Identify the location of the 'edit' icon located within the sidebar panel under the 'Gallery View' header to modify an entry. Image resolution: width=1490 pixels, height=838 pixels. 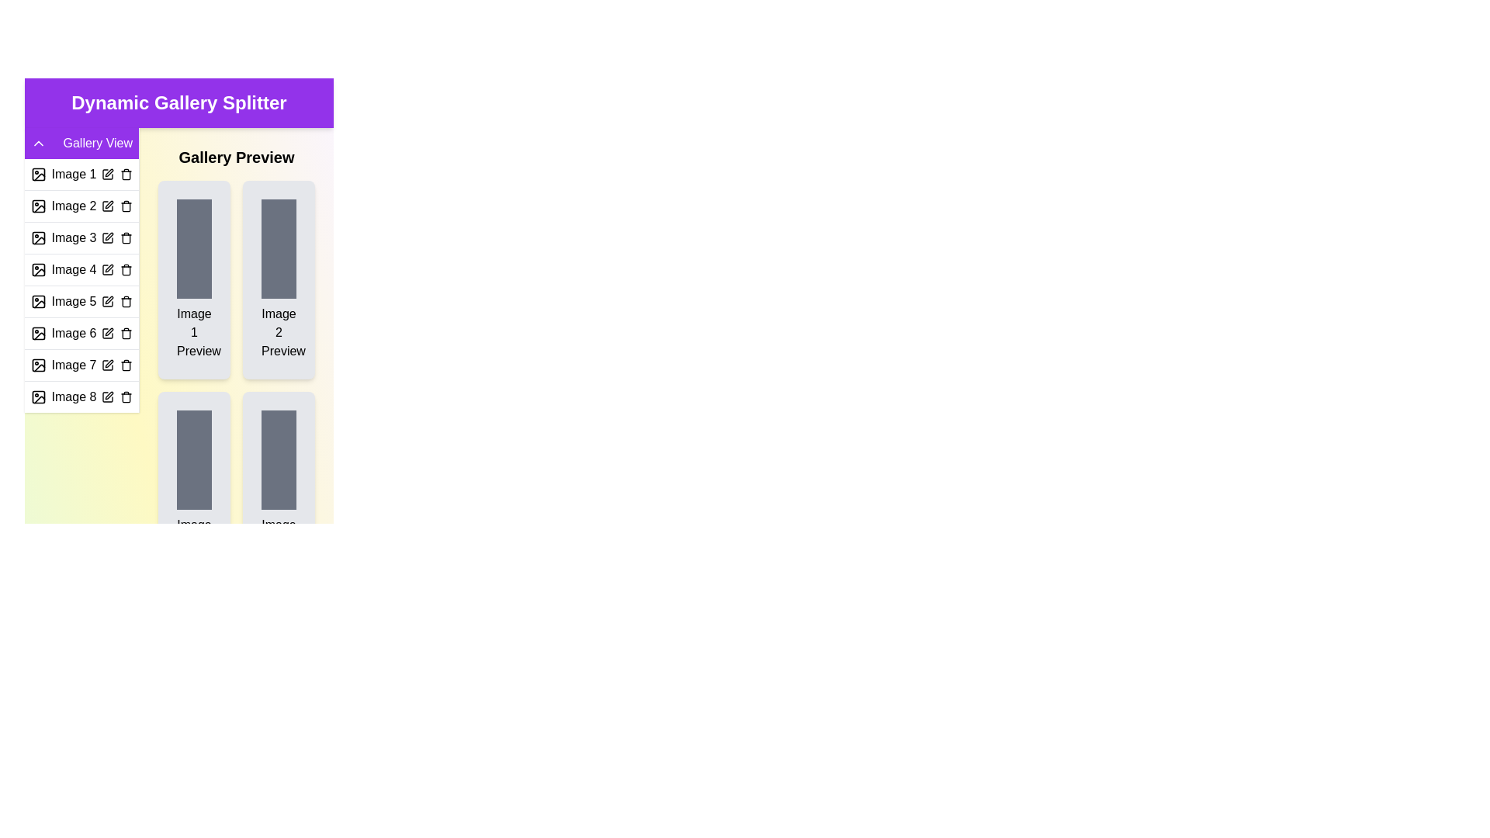
(81, 269).